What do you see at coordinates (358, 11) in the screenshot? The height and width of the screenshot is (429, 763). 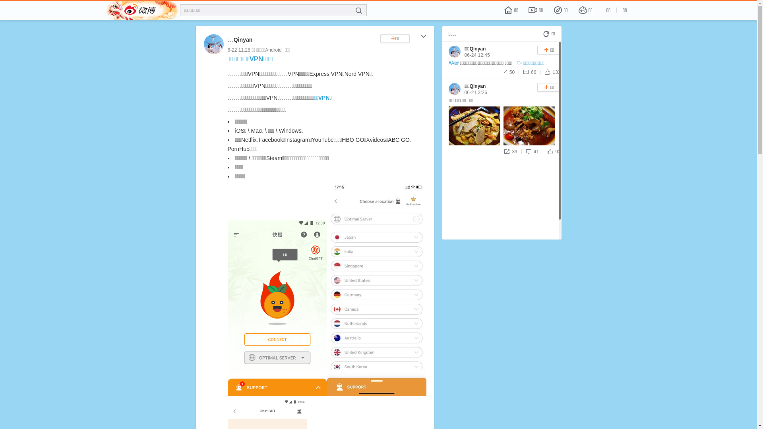 I see `'f'` at bounding box center [358, 11].